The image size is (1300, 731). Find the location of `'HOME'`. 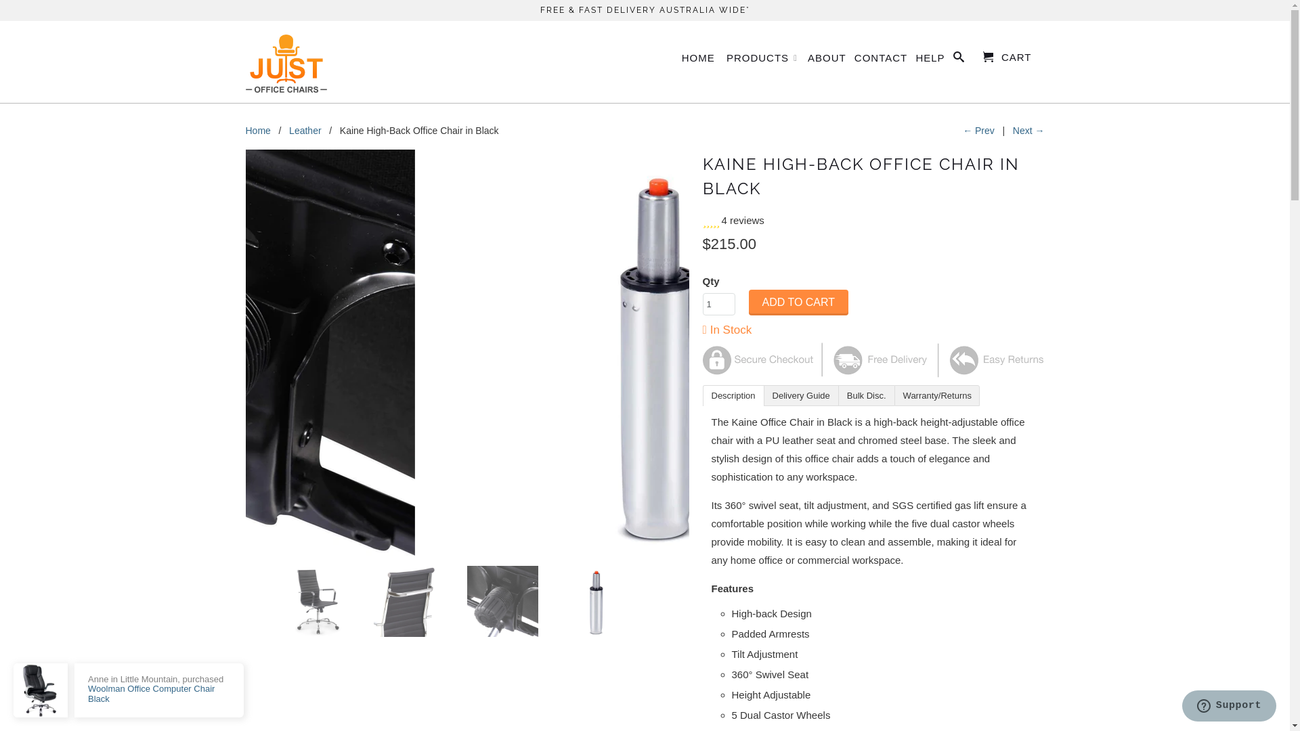

'HOME' is located at coordinates (698, 60).